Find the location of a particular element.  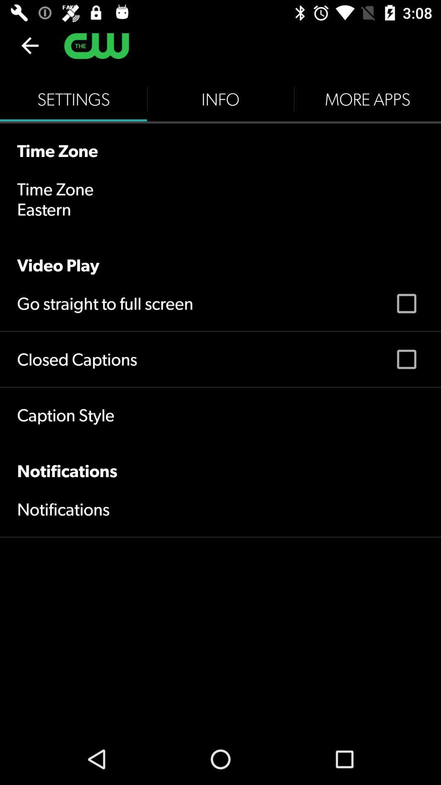

the item above settings is located at coordinates (29, 45).